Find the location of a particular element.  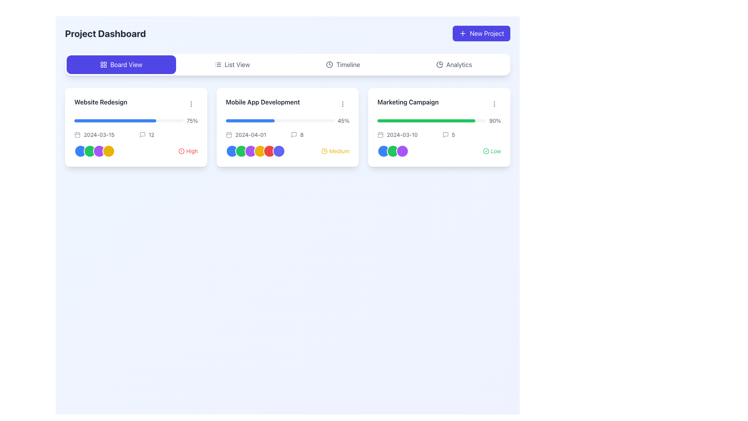

the static text label that represents a date associated with a task or event, located in the second card of a row of cards, beside a calendar icon is located at coordinates (251, 134).